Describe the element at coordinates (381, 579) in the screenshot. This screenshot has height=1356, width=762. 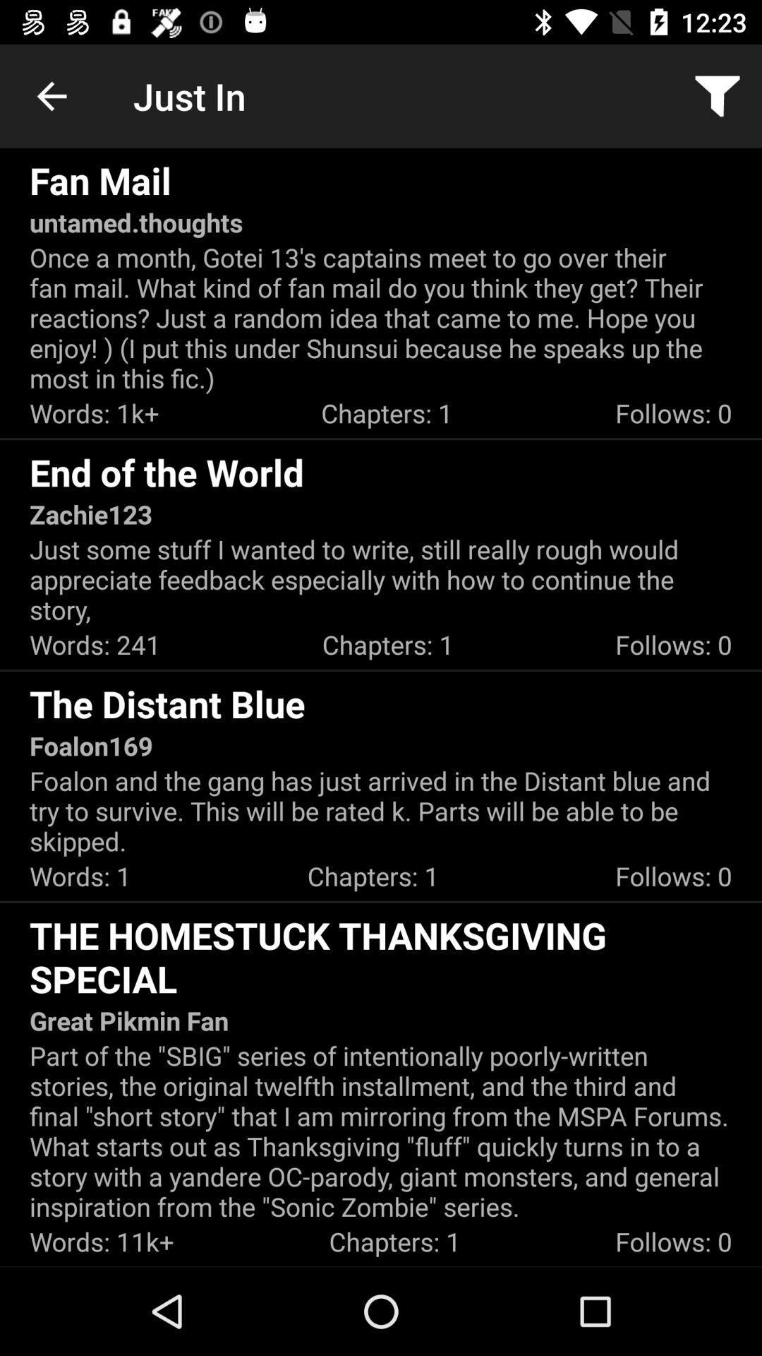
I see `the item above words: 241 item` at that location.